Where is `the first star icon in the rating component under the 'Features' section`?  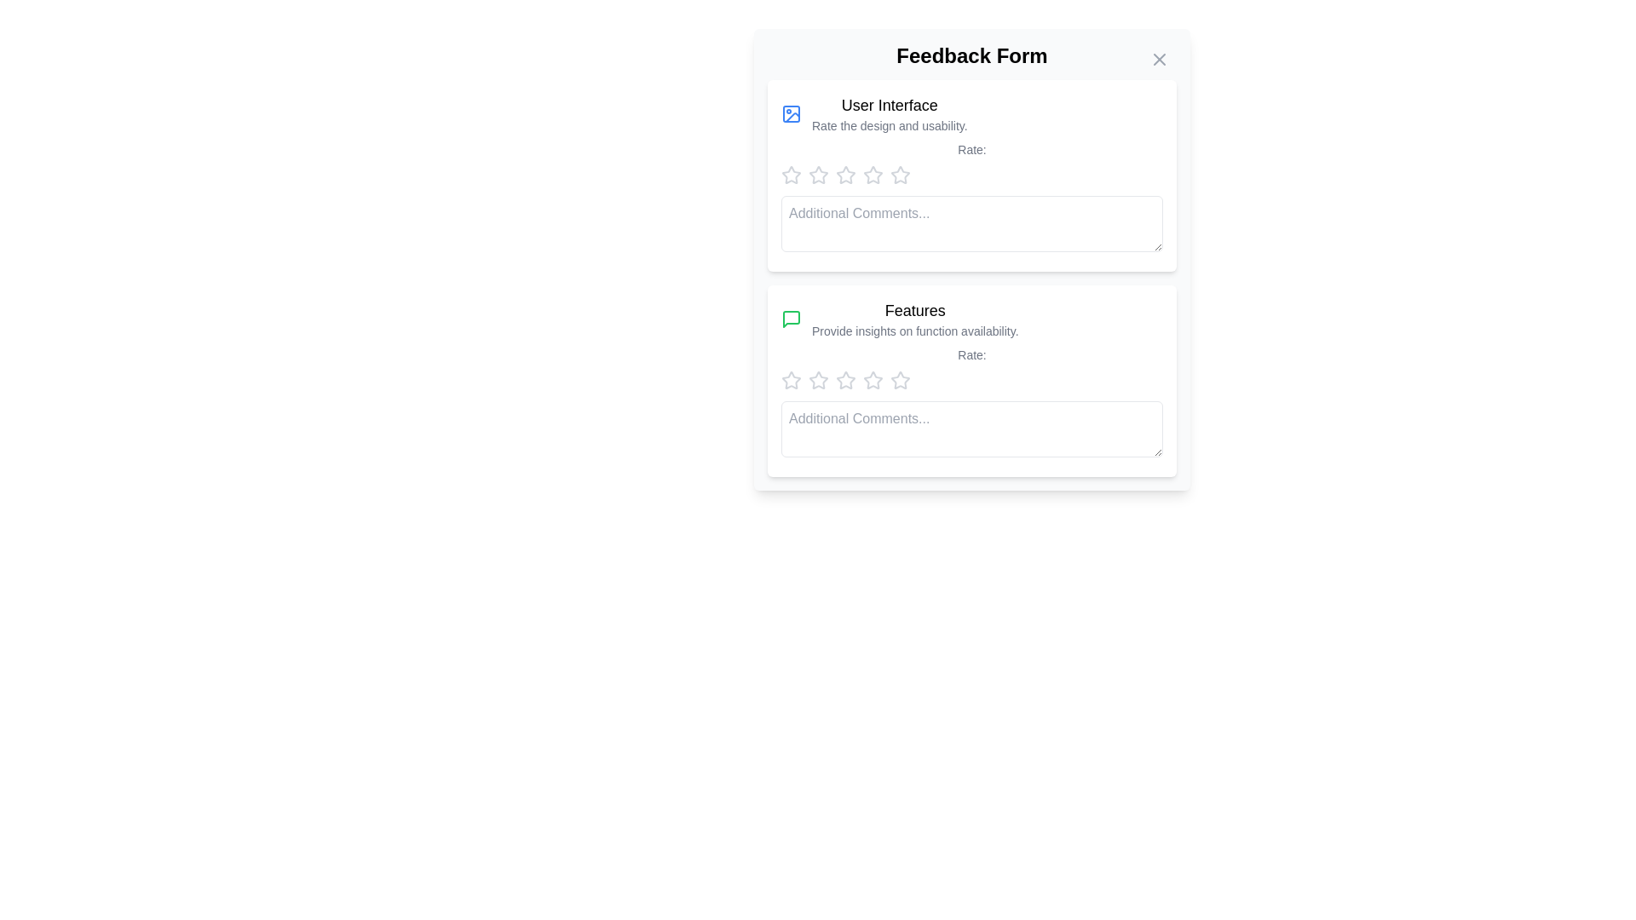 the first star icon in the rating component under the 'Features' section is located at coordinates (791, 379).